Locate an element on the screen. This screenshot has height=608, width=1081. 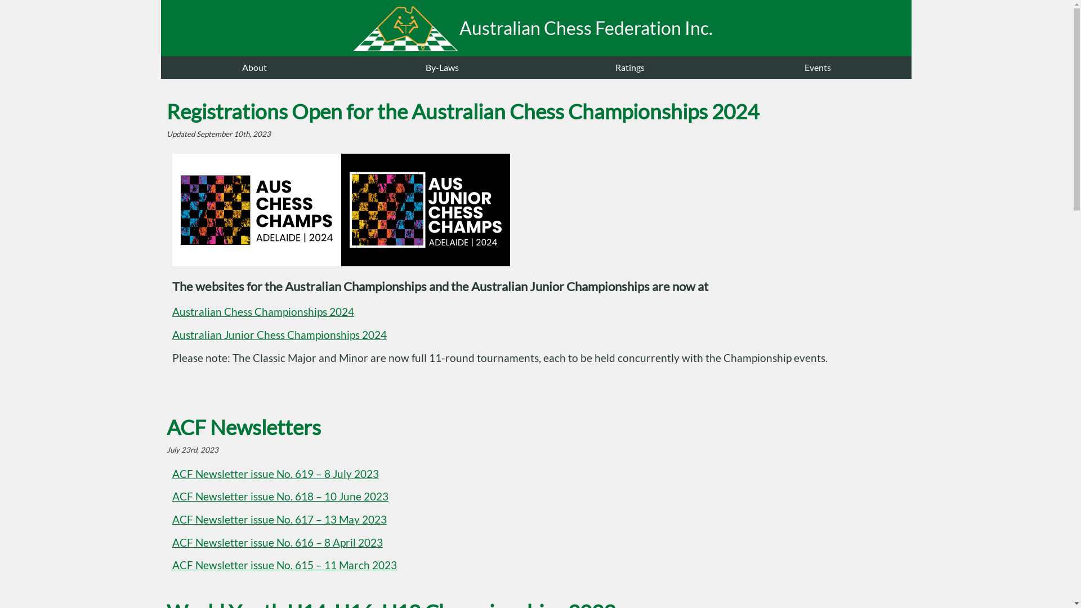
'Australian Chess Federation Inc.' is located at coordinates (536, 28).